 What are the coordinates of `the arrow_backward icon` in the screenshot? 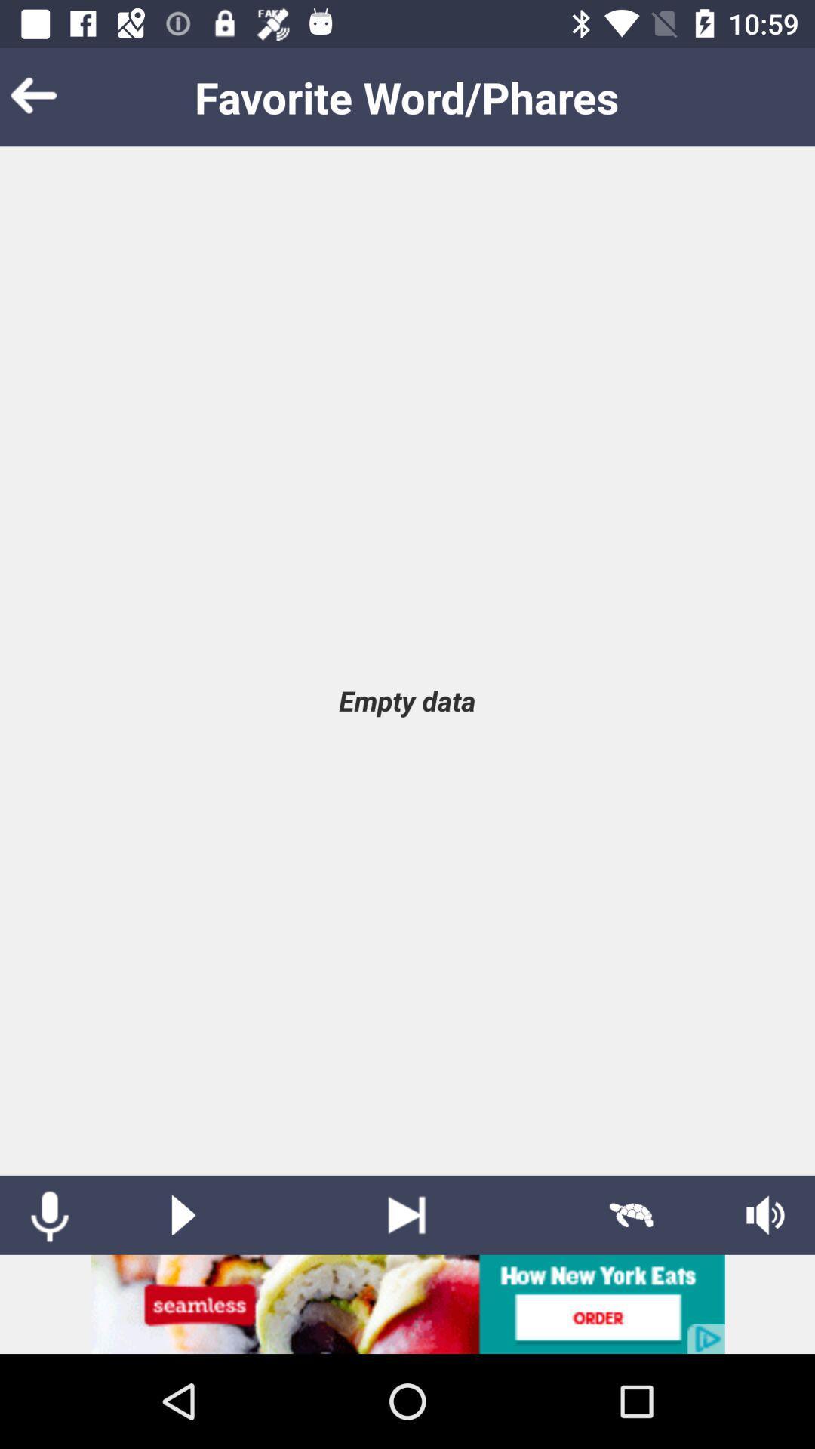 It's located at (56, 96).